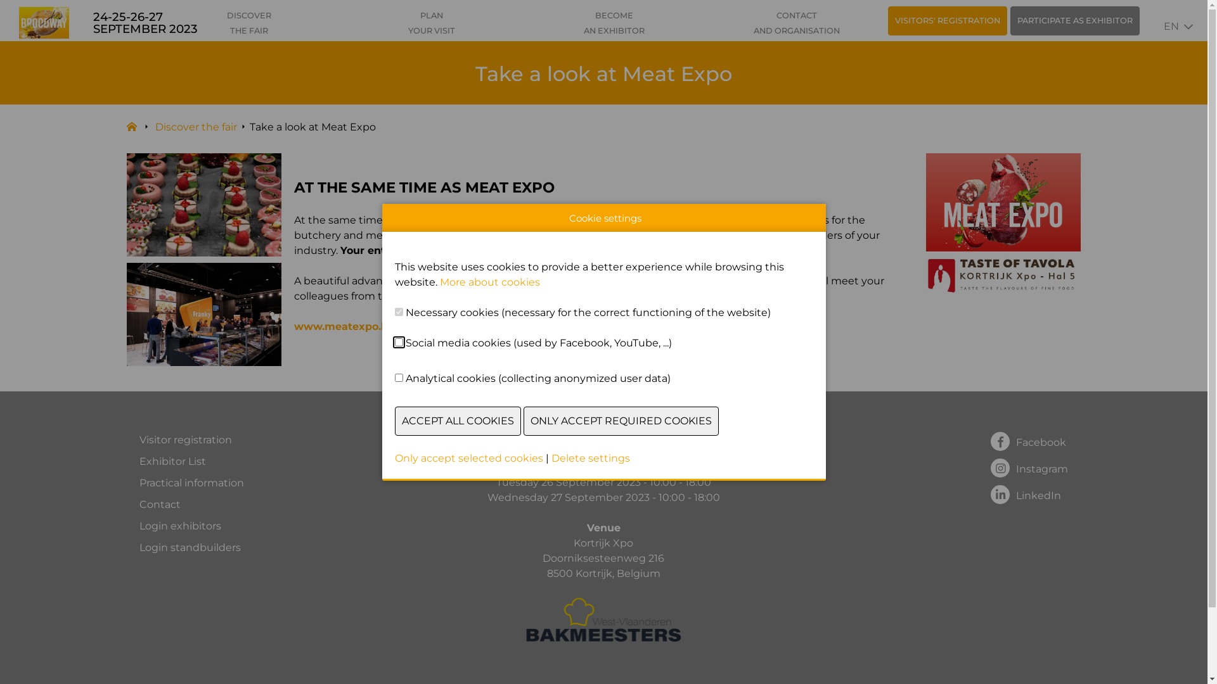 Image resolution: width=1217 pixels, height=684 pixels. Describe the element at coordinates (394, 421) in the screenshot. I see `'Accept all cookies'` at that location.